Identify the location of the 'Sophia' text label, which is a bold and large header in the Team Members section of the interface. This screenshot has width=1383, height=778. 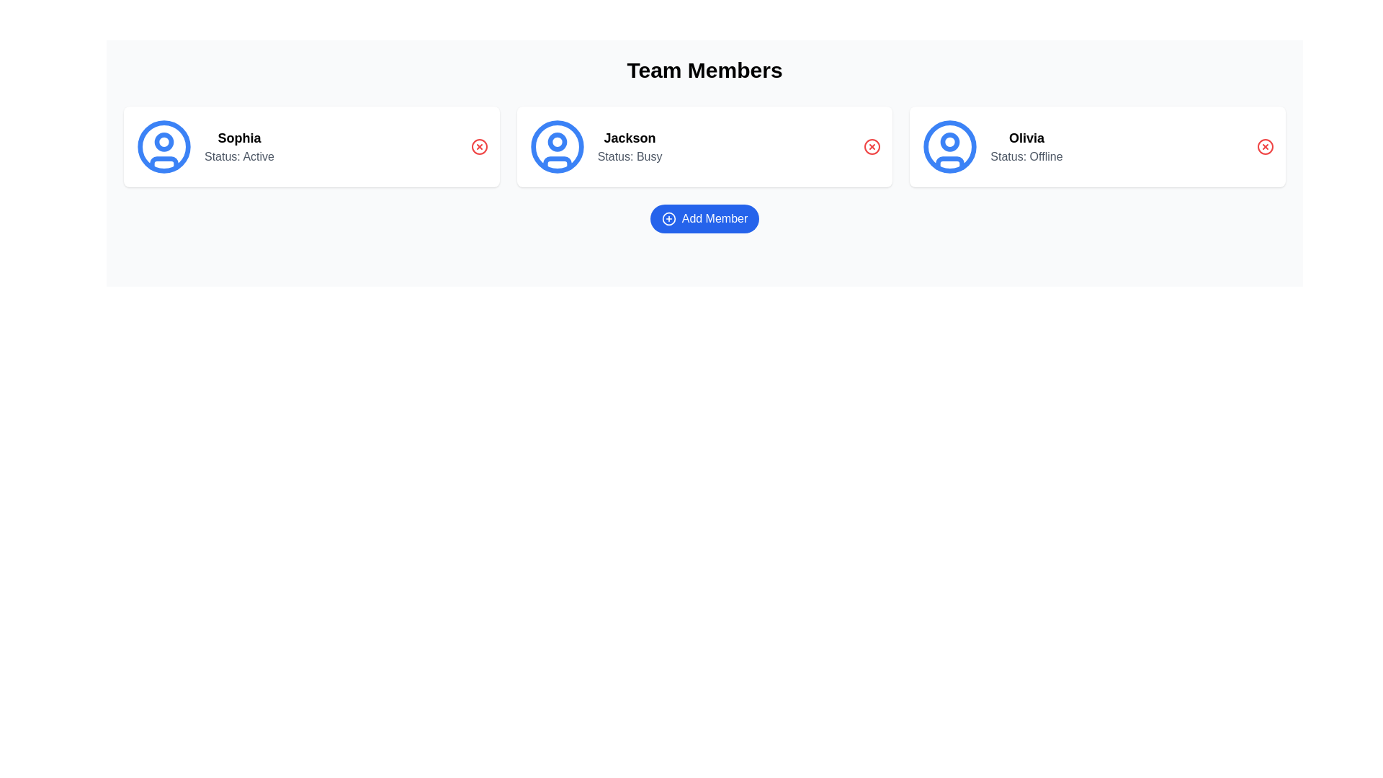
(239, 138).